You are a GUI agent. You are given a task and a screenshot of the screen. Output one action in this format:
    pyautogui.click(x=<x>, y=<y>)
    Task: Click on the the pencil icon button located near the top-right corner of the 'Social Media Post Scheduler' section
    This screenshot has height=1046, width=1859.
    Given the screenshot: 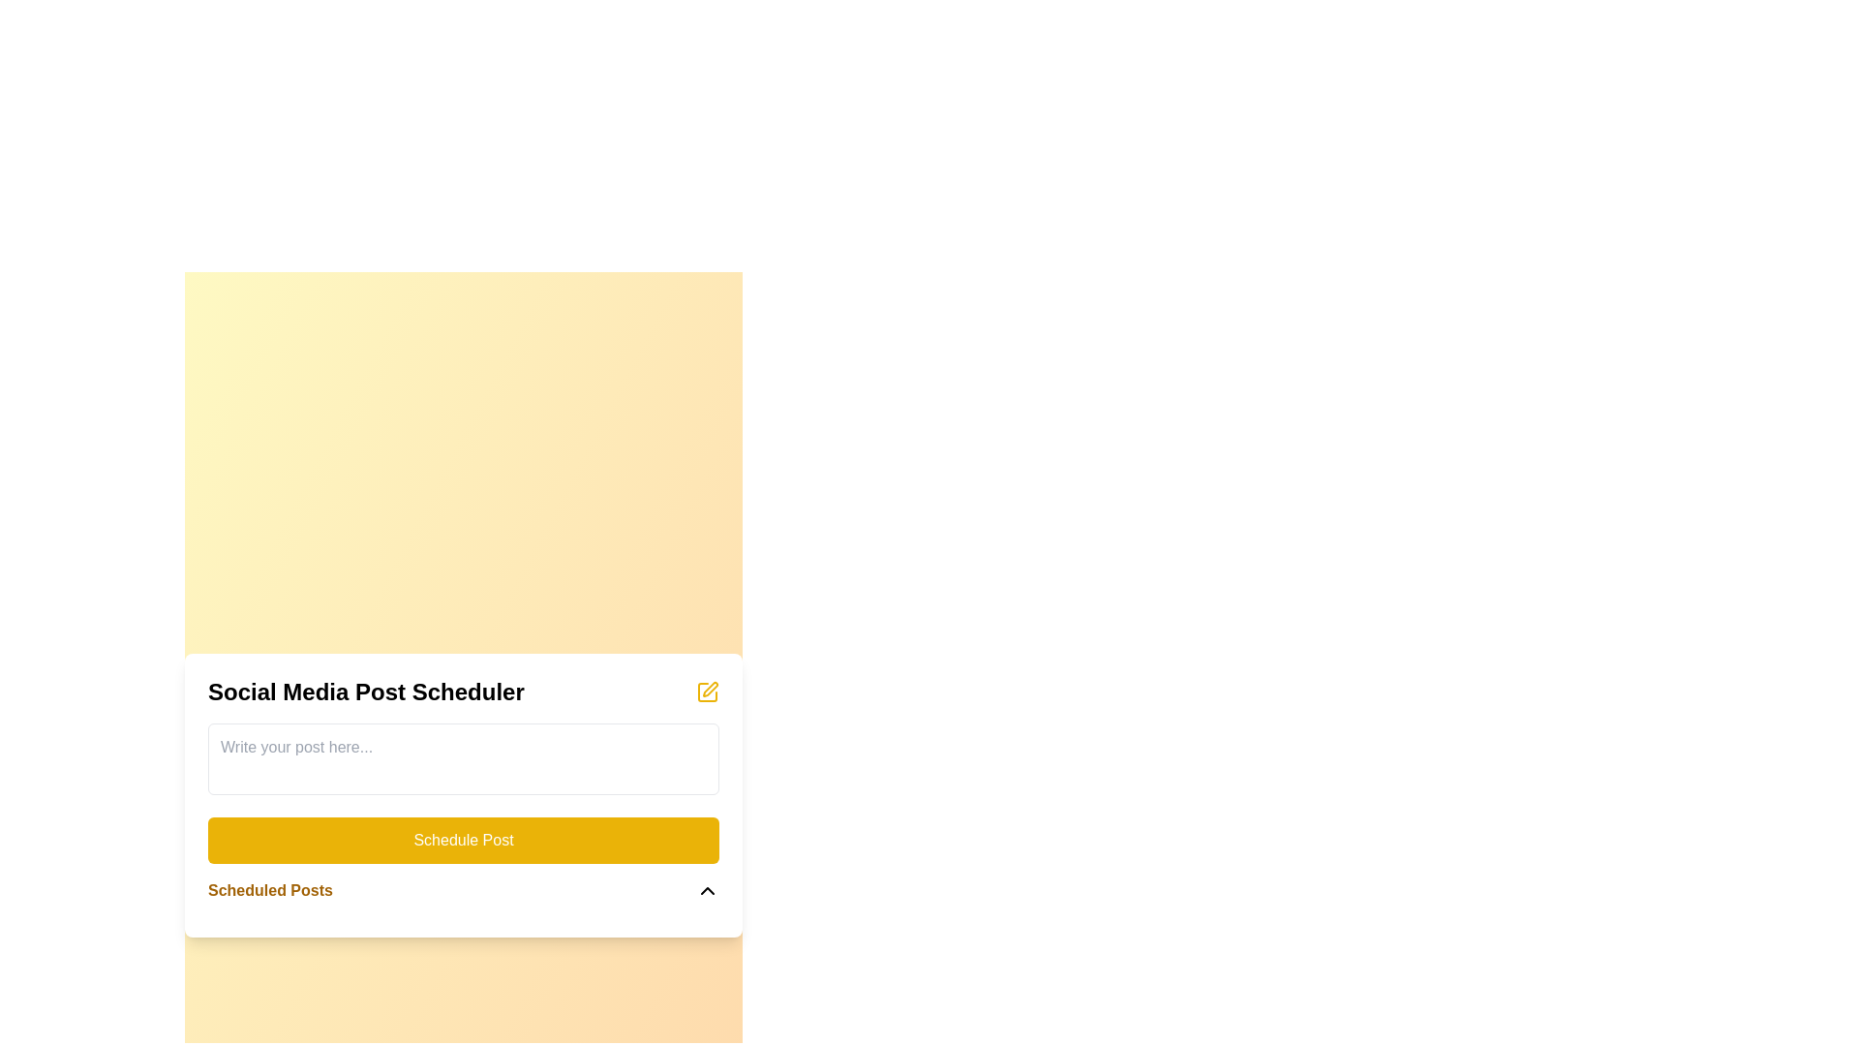 What is the action you would take?
    pyautogui.click(x=706, y=690)
    